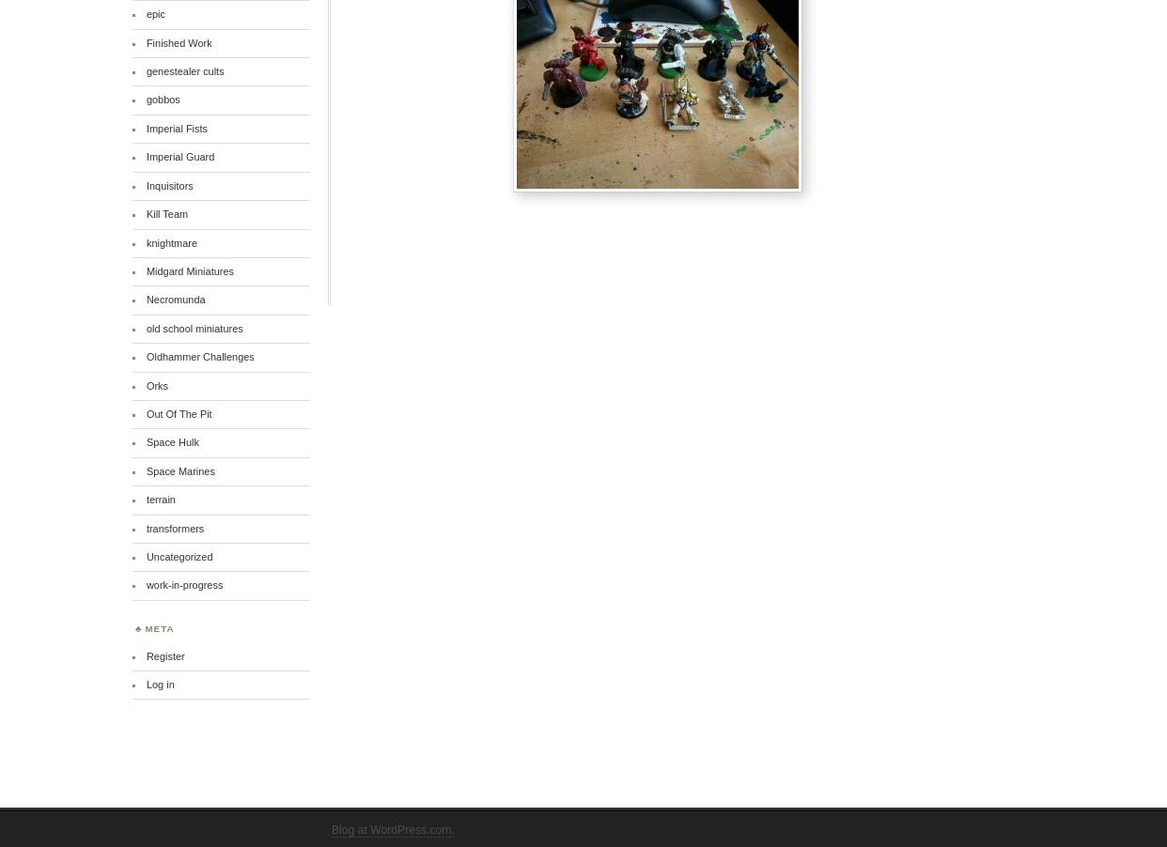  I want to click on 'Orks', so click(156, 384).